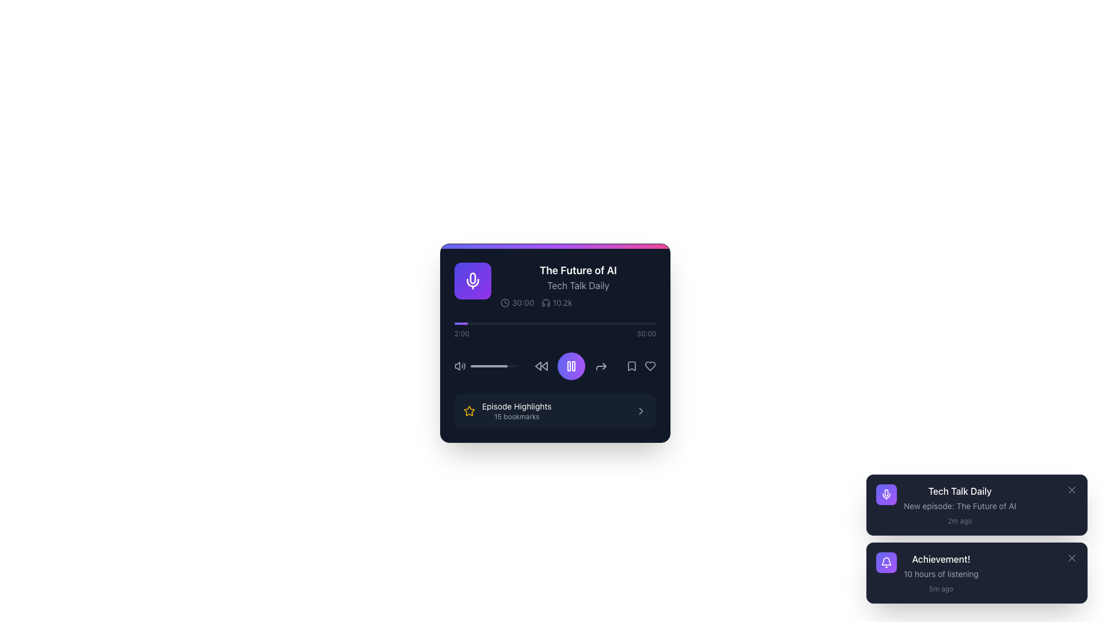 Image resolution: width=1106 pixels, height=622 pixels. Describe the element at coordinates (1071, 490) in the screenshot. I see `the Close Icon located in the top-right corner of the first notification entry` at that location.